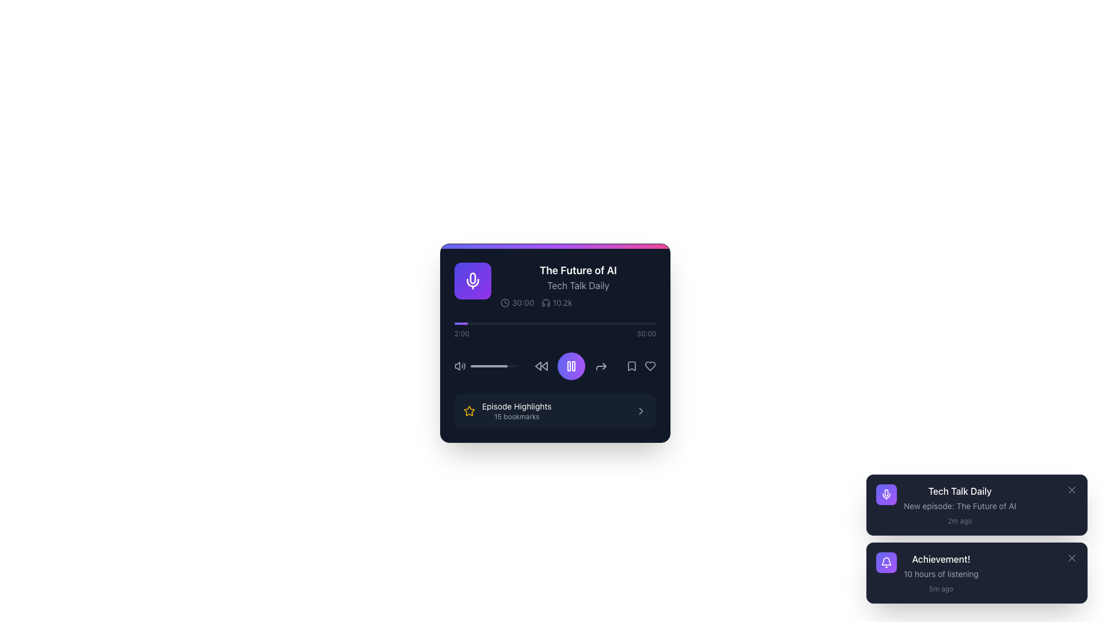 Image resolution: width=1106 pixels, height=622 pixels. Describe the element at coordinates (1071, 490) in the screenshot. I see `the Close Icon located in the top-right corner of the first notification entry` at that location.